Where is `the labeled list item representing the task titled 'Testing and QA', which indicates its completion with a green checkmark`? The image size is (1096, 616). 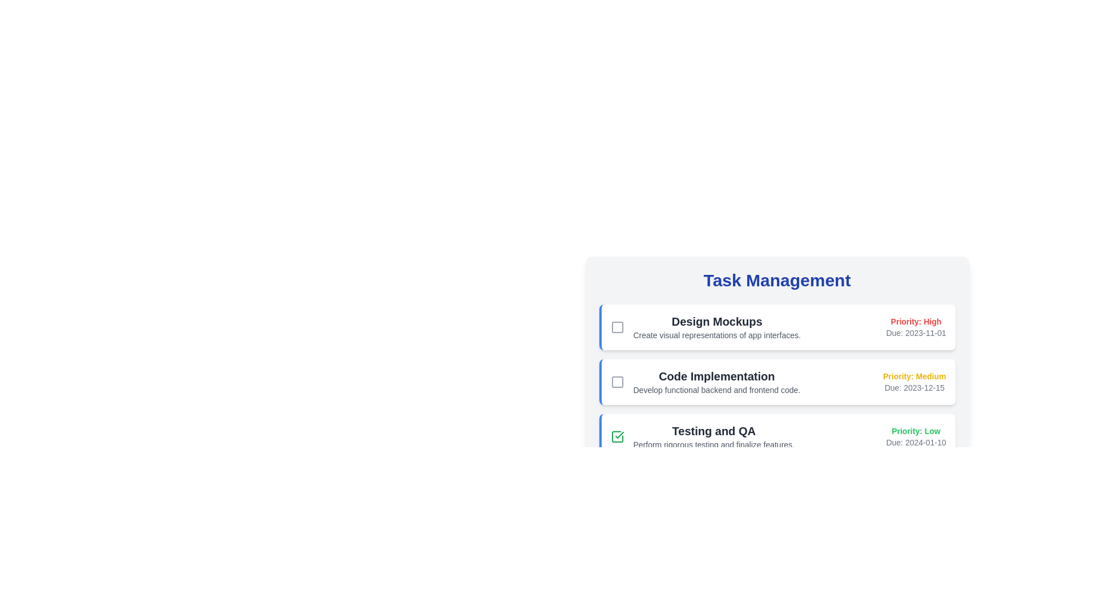
the labeled list item representing the task titled 'Testing and QA', which indicates its completion with a green checkmark is located at coordinates (702, 436).